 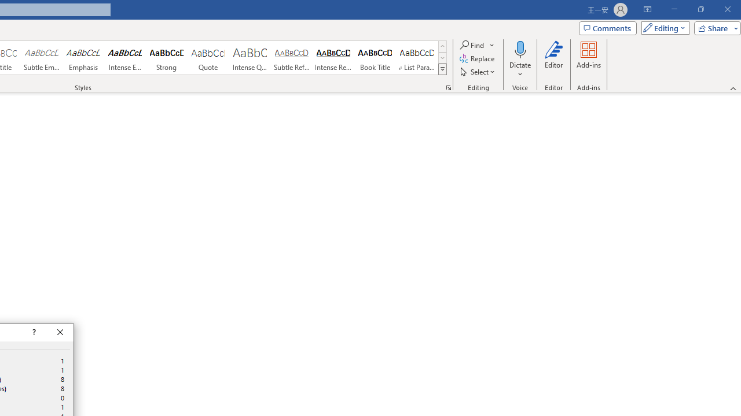 What do you see at coordinates (83, 58) in the screenshot?
I see `'Emphasis'` at bounding box center [83, 58].